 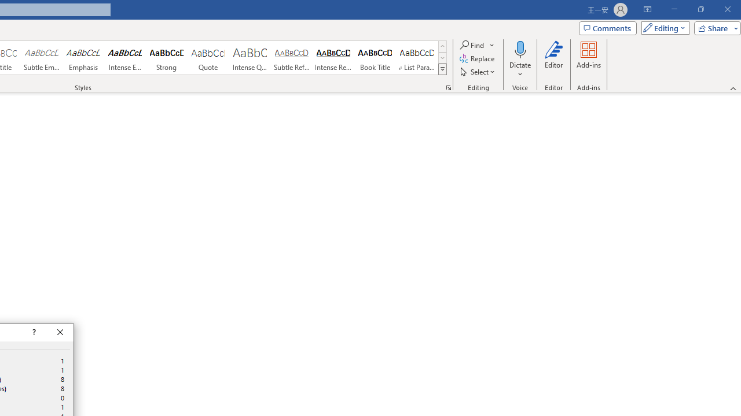 What do you see at coordinates (83, 58) in the screenshot?
I see `'Emphasis'` at bounding box center [83, 58].